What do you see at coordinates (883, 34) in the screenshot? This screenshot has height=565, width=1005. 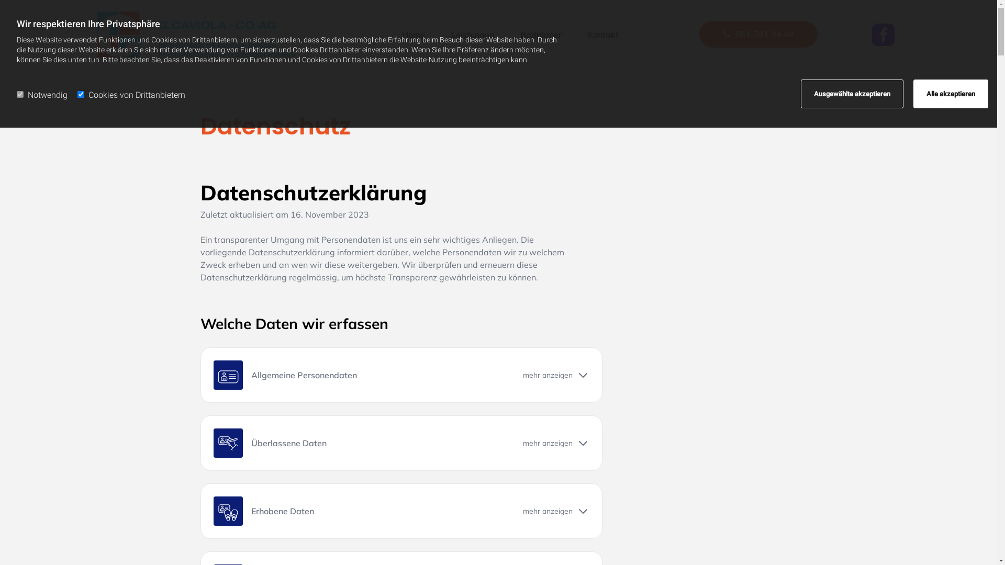 I see `'Facebook '` at bounding box center [883, 34].